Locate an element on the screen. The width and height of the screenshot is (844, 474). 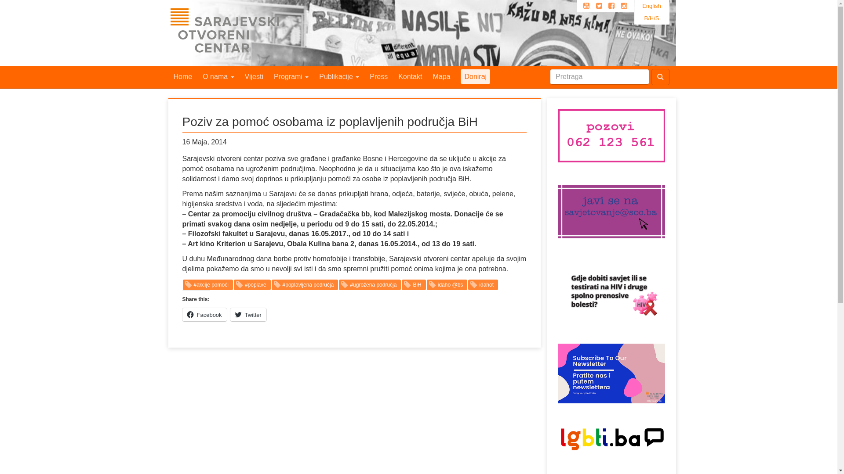
'Doniraj' is located at coordinates (475, 76).